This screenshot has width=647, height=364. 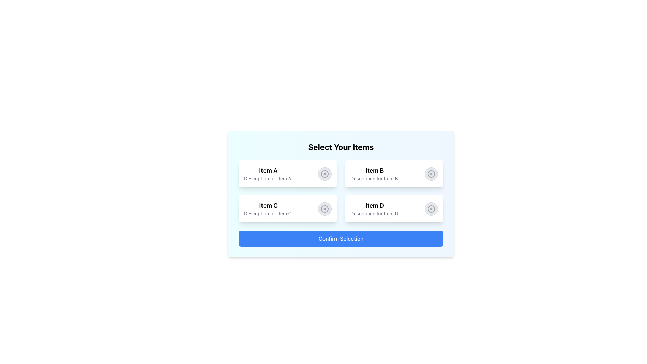 I want to click on the inner circle of the icon located to the right of the 'Item D' text, which is styled with a stroke and filled with a neutral gray color, so click(x=431, y=209).